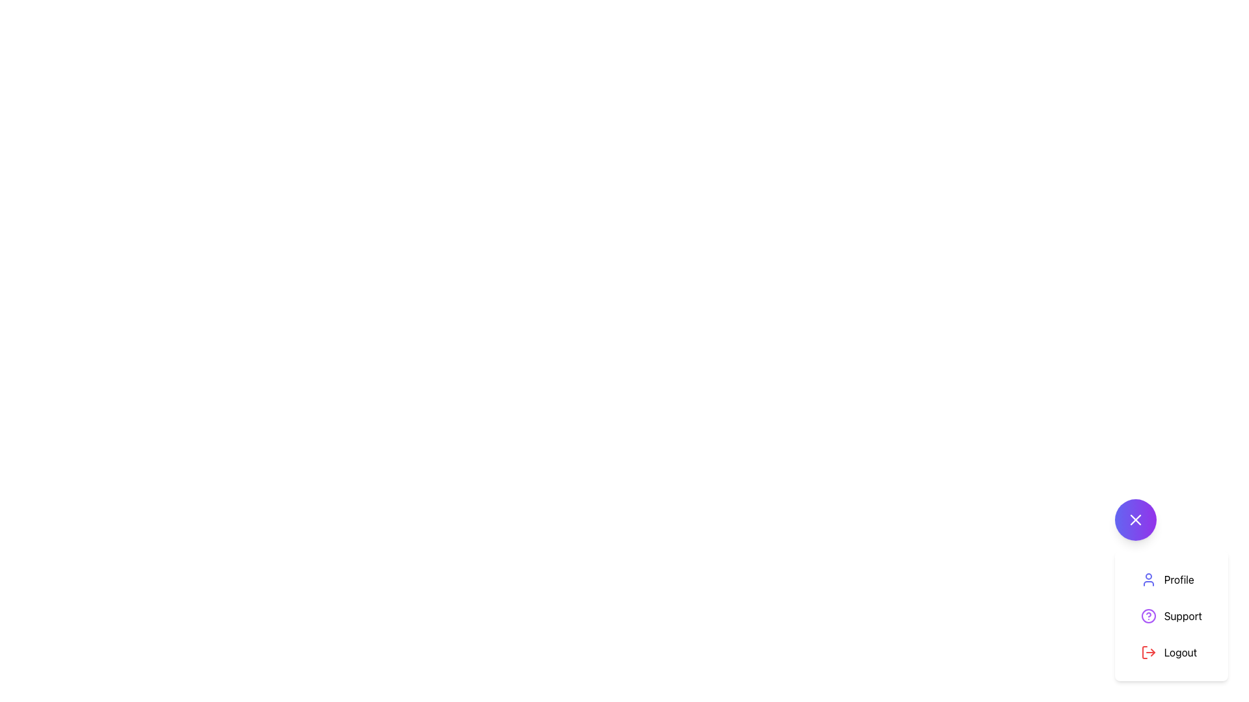 The image size is (1249, 702). What do you see at coordinates (1171, 616) in the screenshot?
I see `the second button in the vertical dropdown list, located below the 'Profile' option and above the 'Logout' option` at bounding box center [1171, 616].